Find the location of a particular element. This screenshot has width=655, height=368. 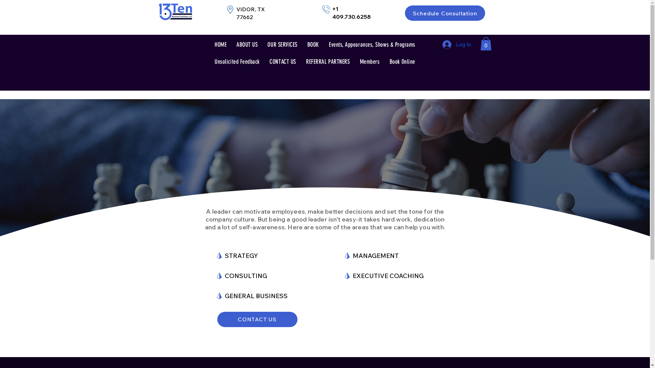

'Unsolicited Feedback' is located at coordinates (237, 62).